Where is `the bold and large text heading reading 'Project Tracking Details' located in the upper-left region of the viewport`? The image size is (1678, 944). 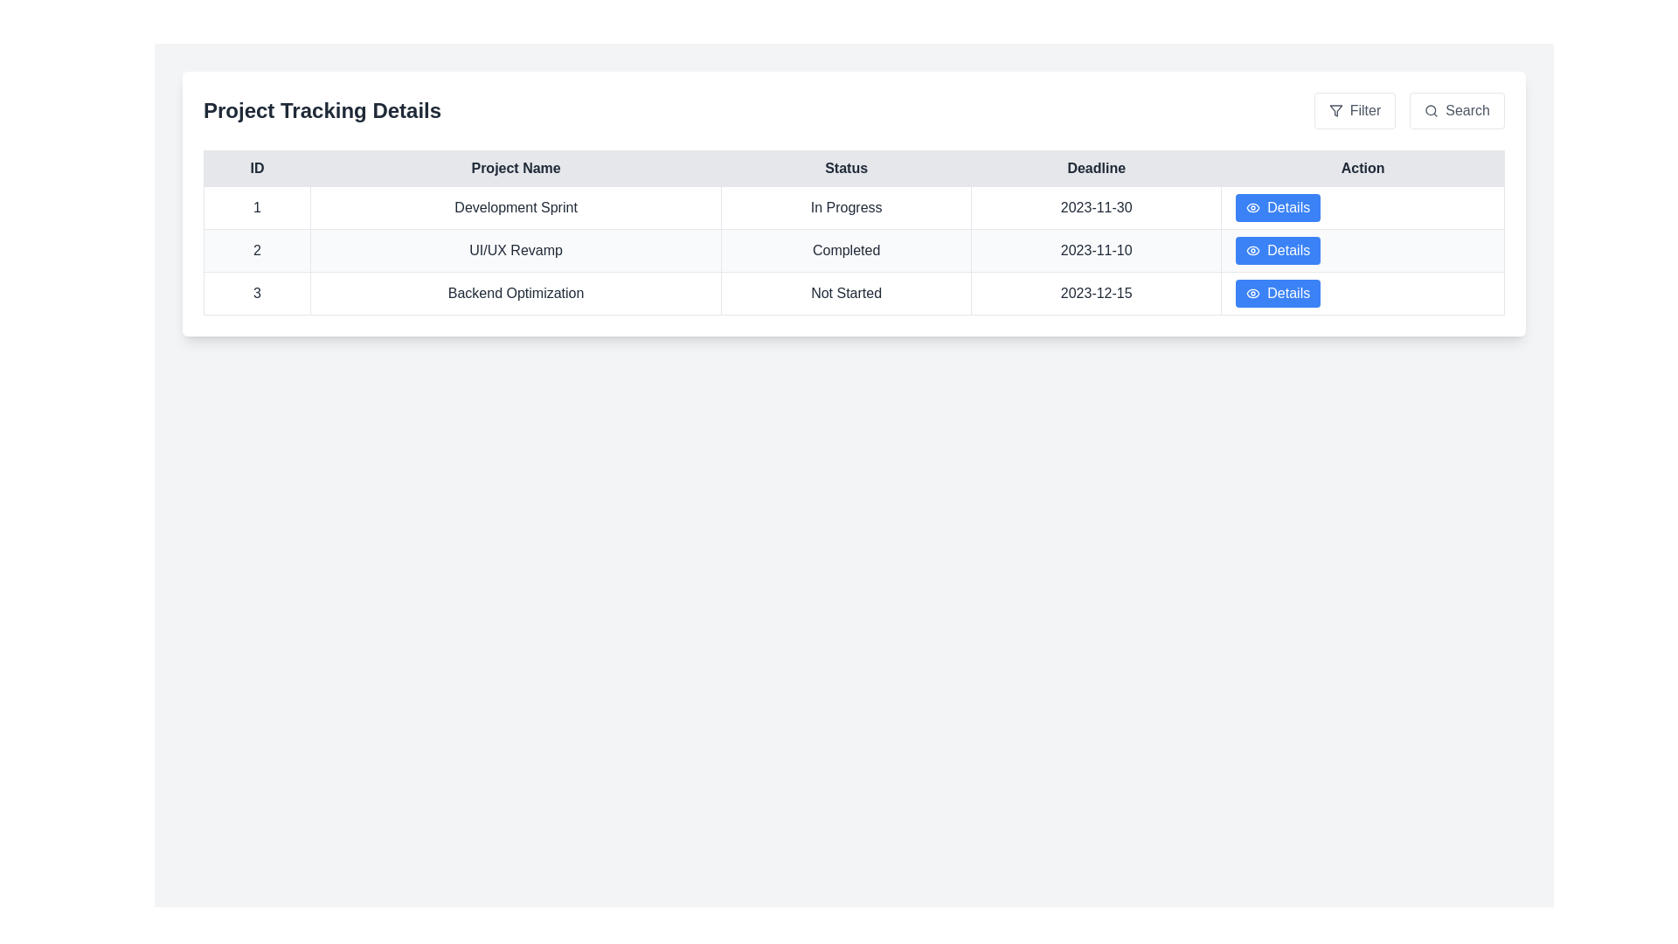
the bold and large text heading reading 'Project Tracking Details' located in the upper-left region of the viewport is located at coordinates (322, 111).